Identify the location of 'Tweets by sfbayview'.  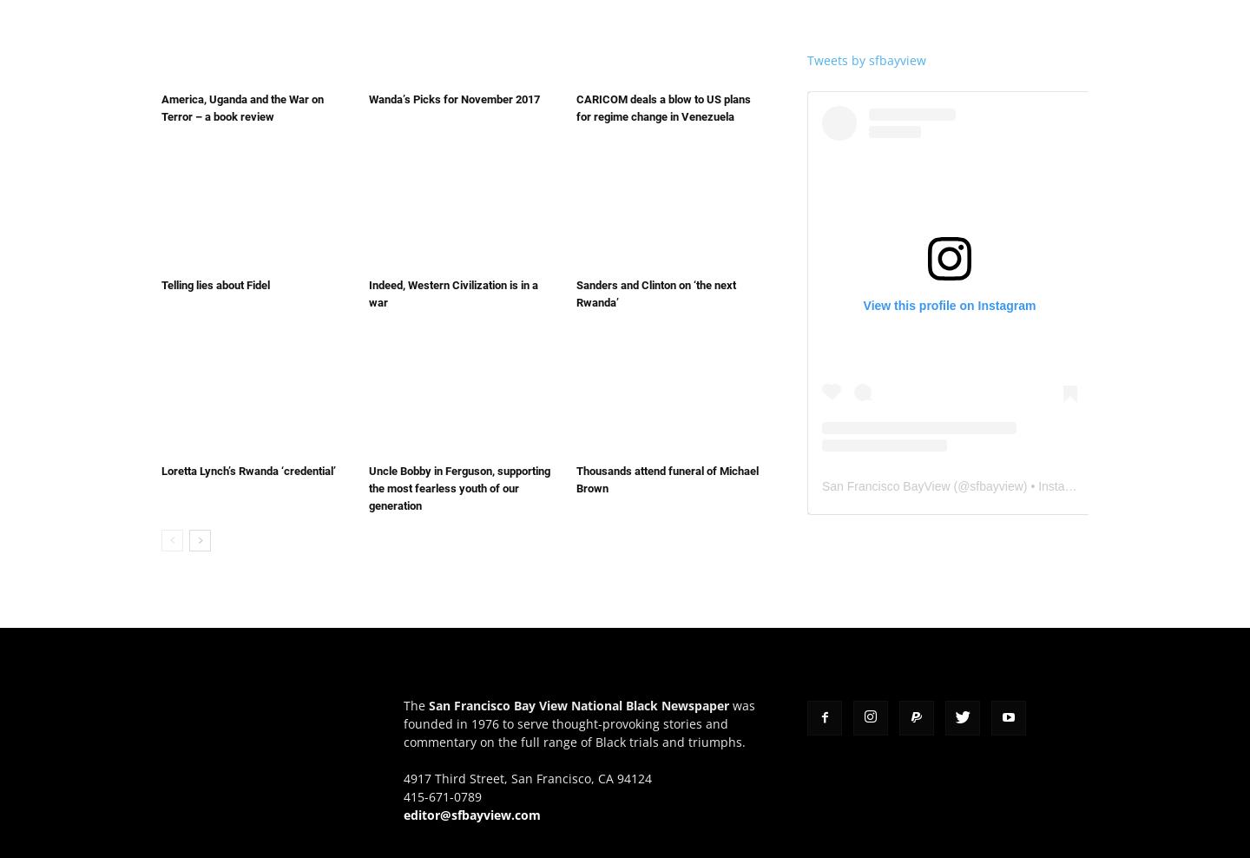
(865, 59).